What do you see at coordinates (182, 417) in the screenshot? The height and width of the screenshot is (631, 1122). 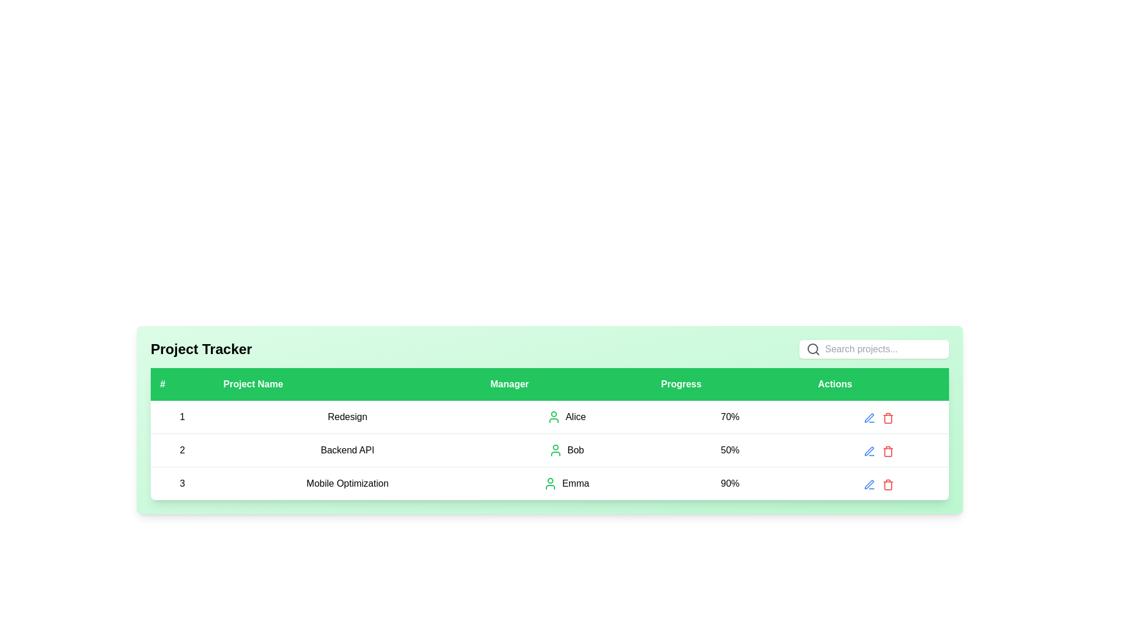 I see `the first table cell containing the centered numeral '1', which is displayed in bold black text under the '#' header column` at bounding box center [182, 417].